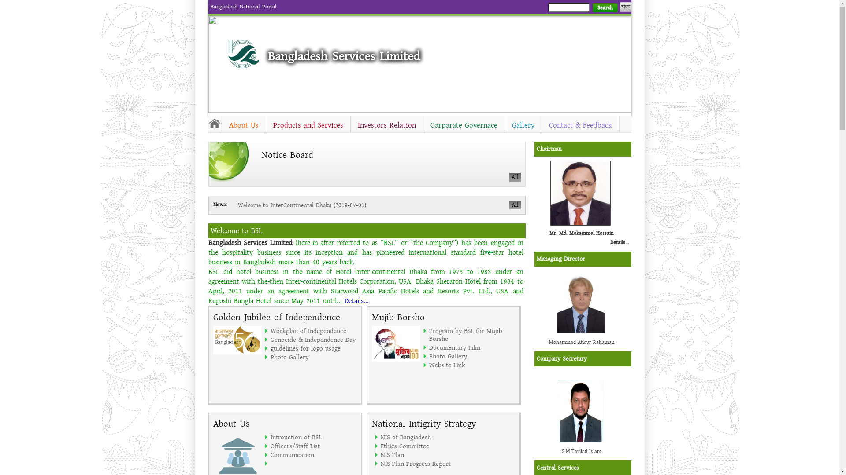 The height and width of the screenshot is (475, 846). Describe the element at coordinates (580, 125) in the screenshot. I see `'Contact & Feedback'` at that location.